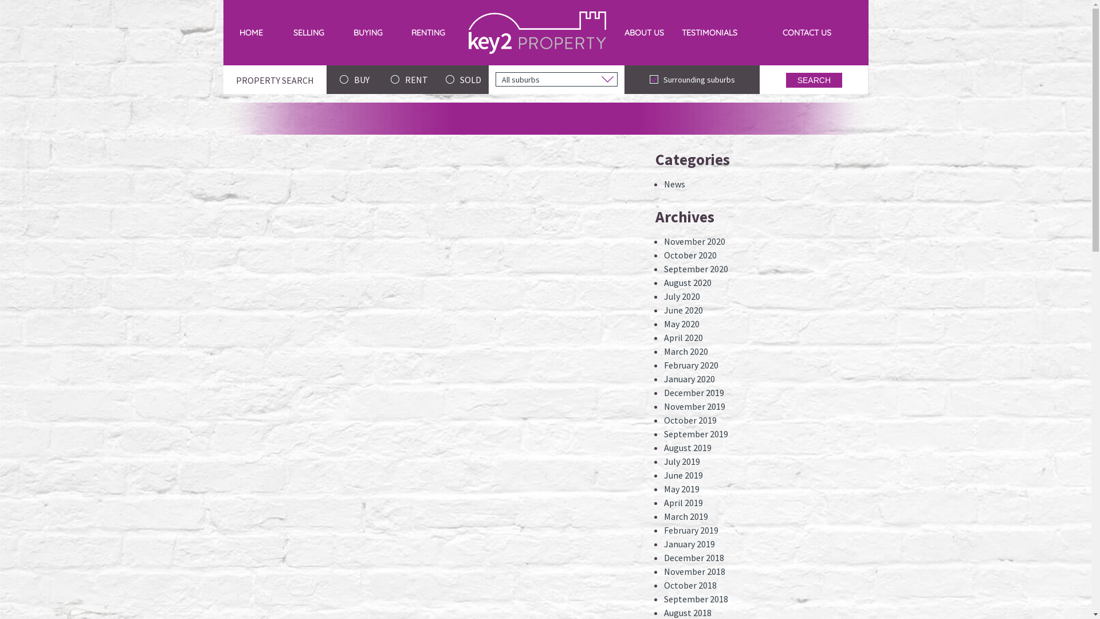  What do you see at coordinates (682, 461) in the screenshot?
I see `'July 2019'` at bounding box center [682, 461].